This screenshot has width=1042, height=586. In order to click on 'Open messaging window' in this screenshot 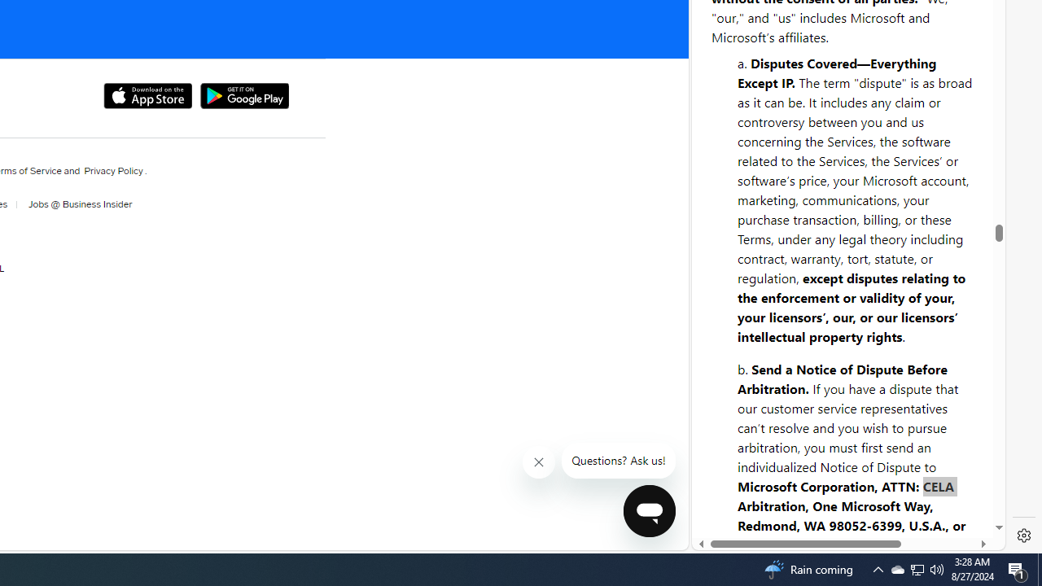, I will do `click(648, 510)`.